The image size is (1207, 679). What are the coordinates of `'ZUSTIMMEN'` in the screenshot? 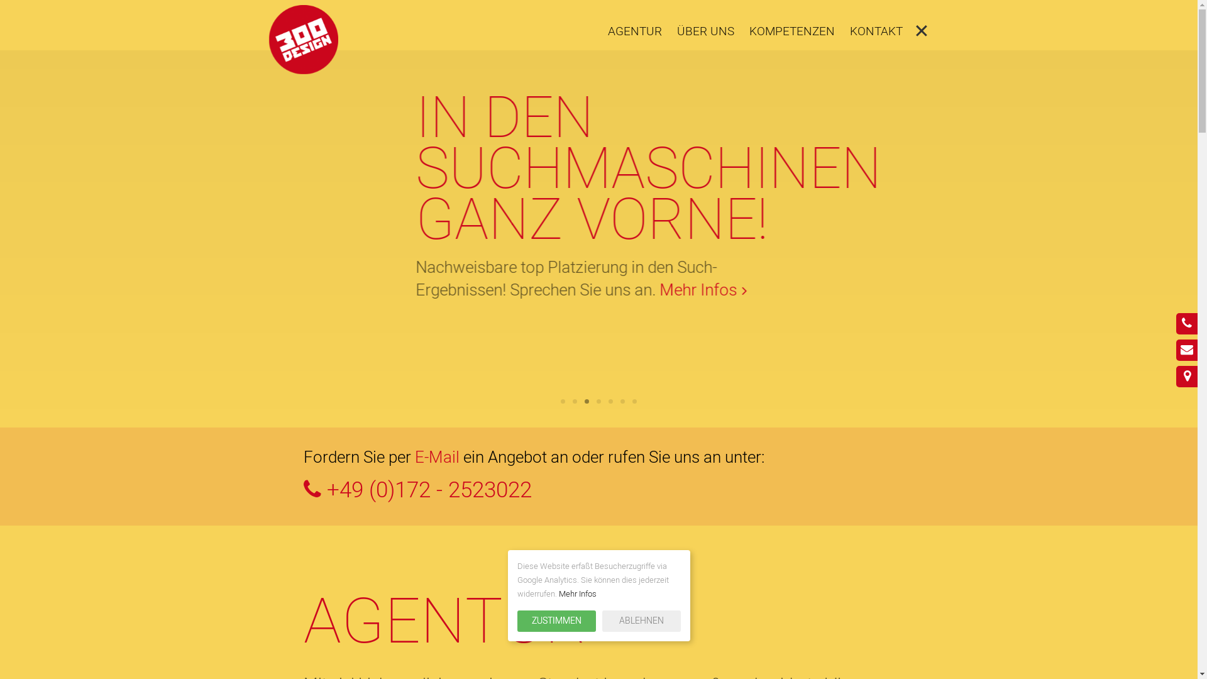 It's located at (555, 620).